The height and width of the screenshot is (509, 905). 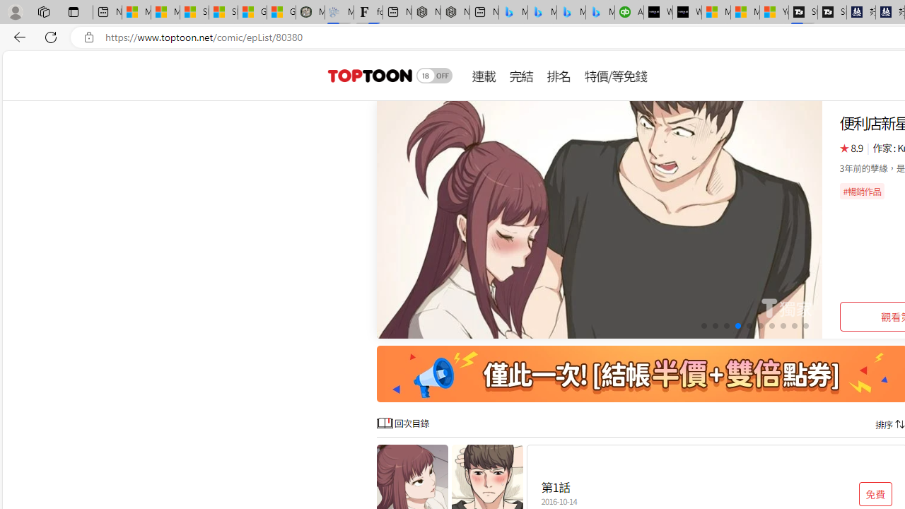 What do you see at coordinates (600, 220) in the screenshot?
I see `'Class: swiper-slide swiper-slide-active'` at bounding box center [600, 220].